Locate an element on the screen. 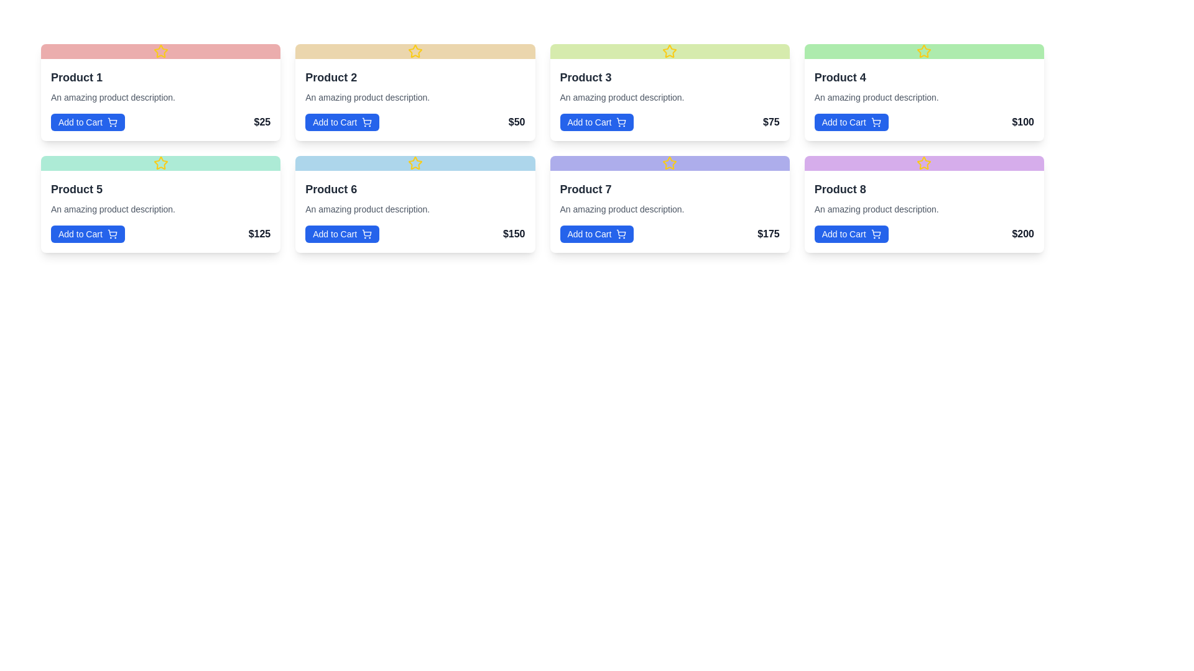 The height and width of the screenshot is (671, 1194). the text label that describes 'An amazing product description.' which is located under the 'Product 3' heading in the card layout is located at coordinates (622, 97).